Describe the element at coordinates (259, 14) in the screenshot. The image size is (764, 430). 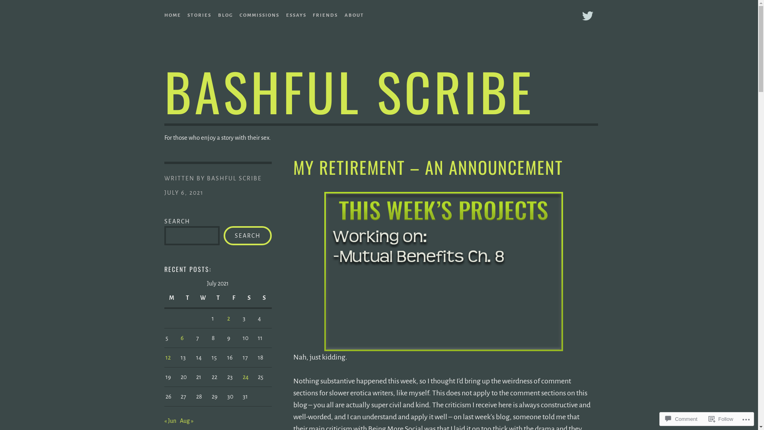
I see `'COMMISSIONS'` at that location.